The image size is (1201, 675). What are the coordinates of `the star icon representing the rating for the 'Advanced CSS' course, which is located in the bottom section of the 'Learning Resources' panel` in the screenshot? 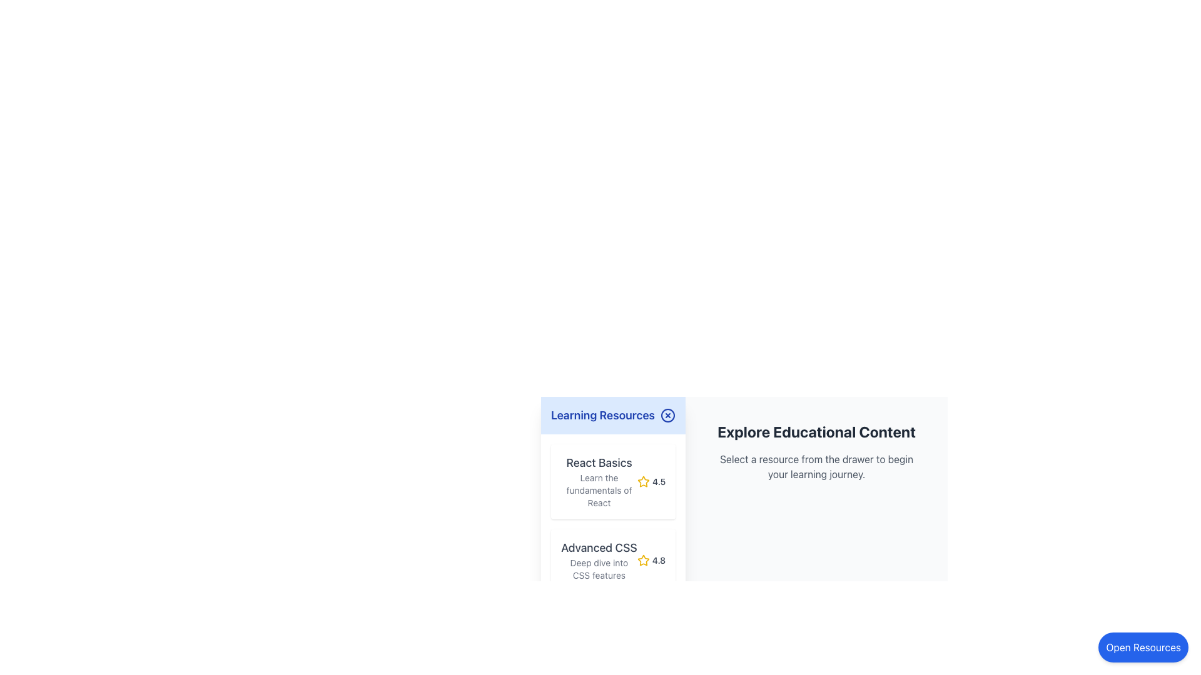 It's located at (643, 560).